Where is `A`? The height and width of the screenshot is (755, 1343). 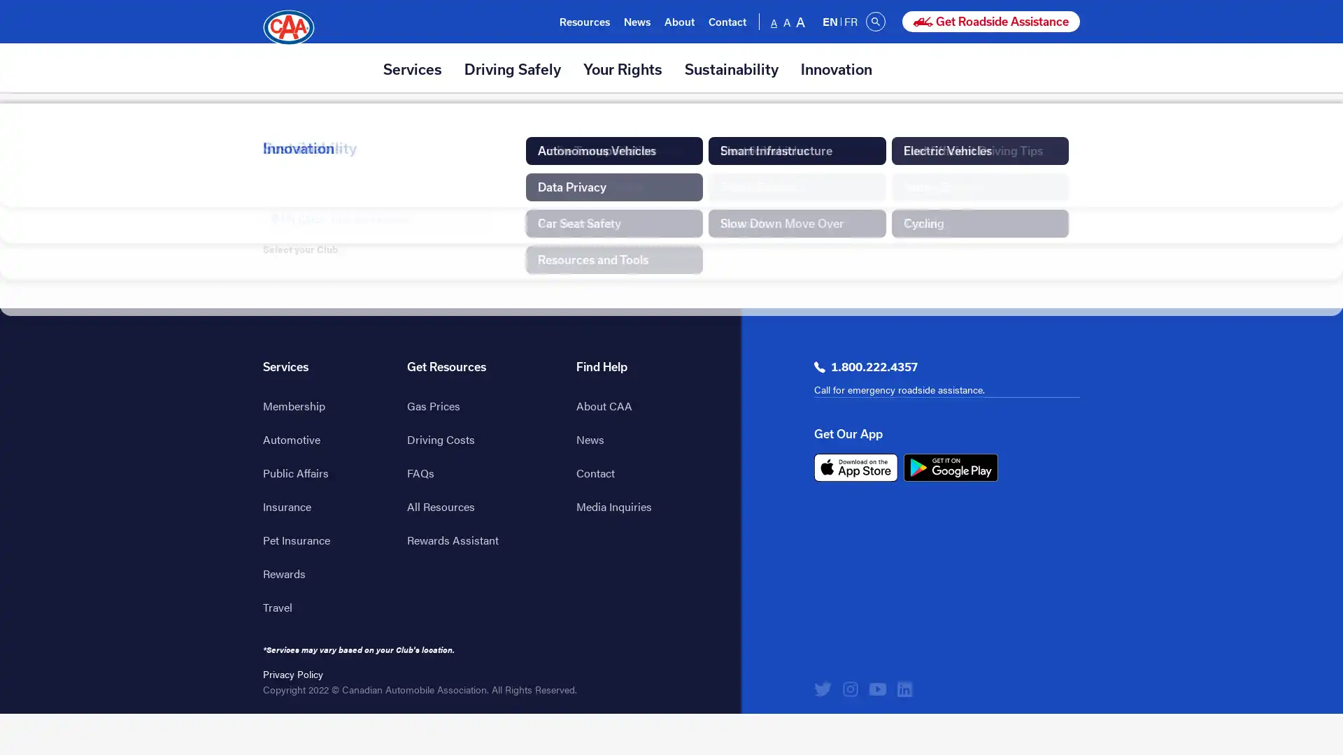
A is located at coordinates (786, 21).